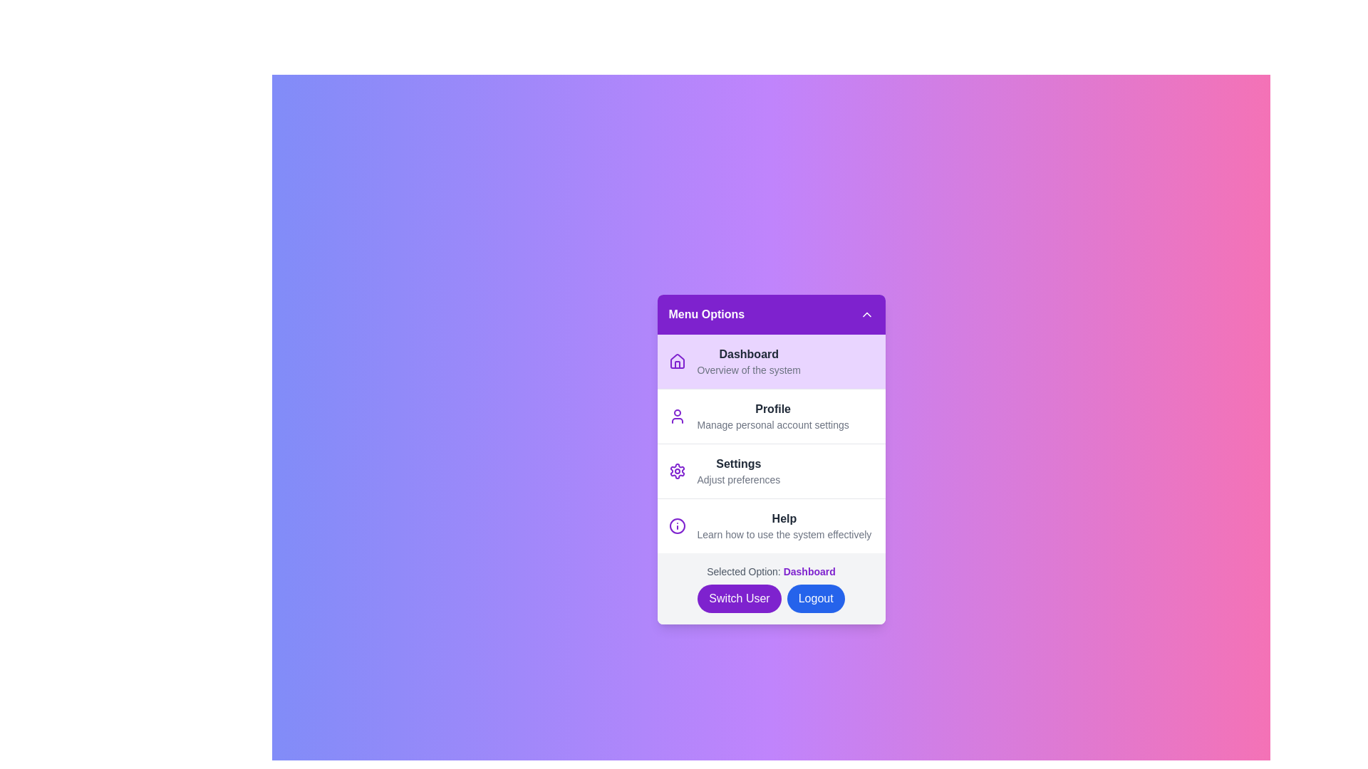 This screenshot has width=1368, height=769. Describe the element at coordinates (770, 525) in the screenshot. I see `the menu item Help from the sidebar menu` at that location.